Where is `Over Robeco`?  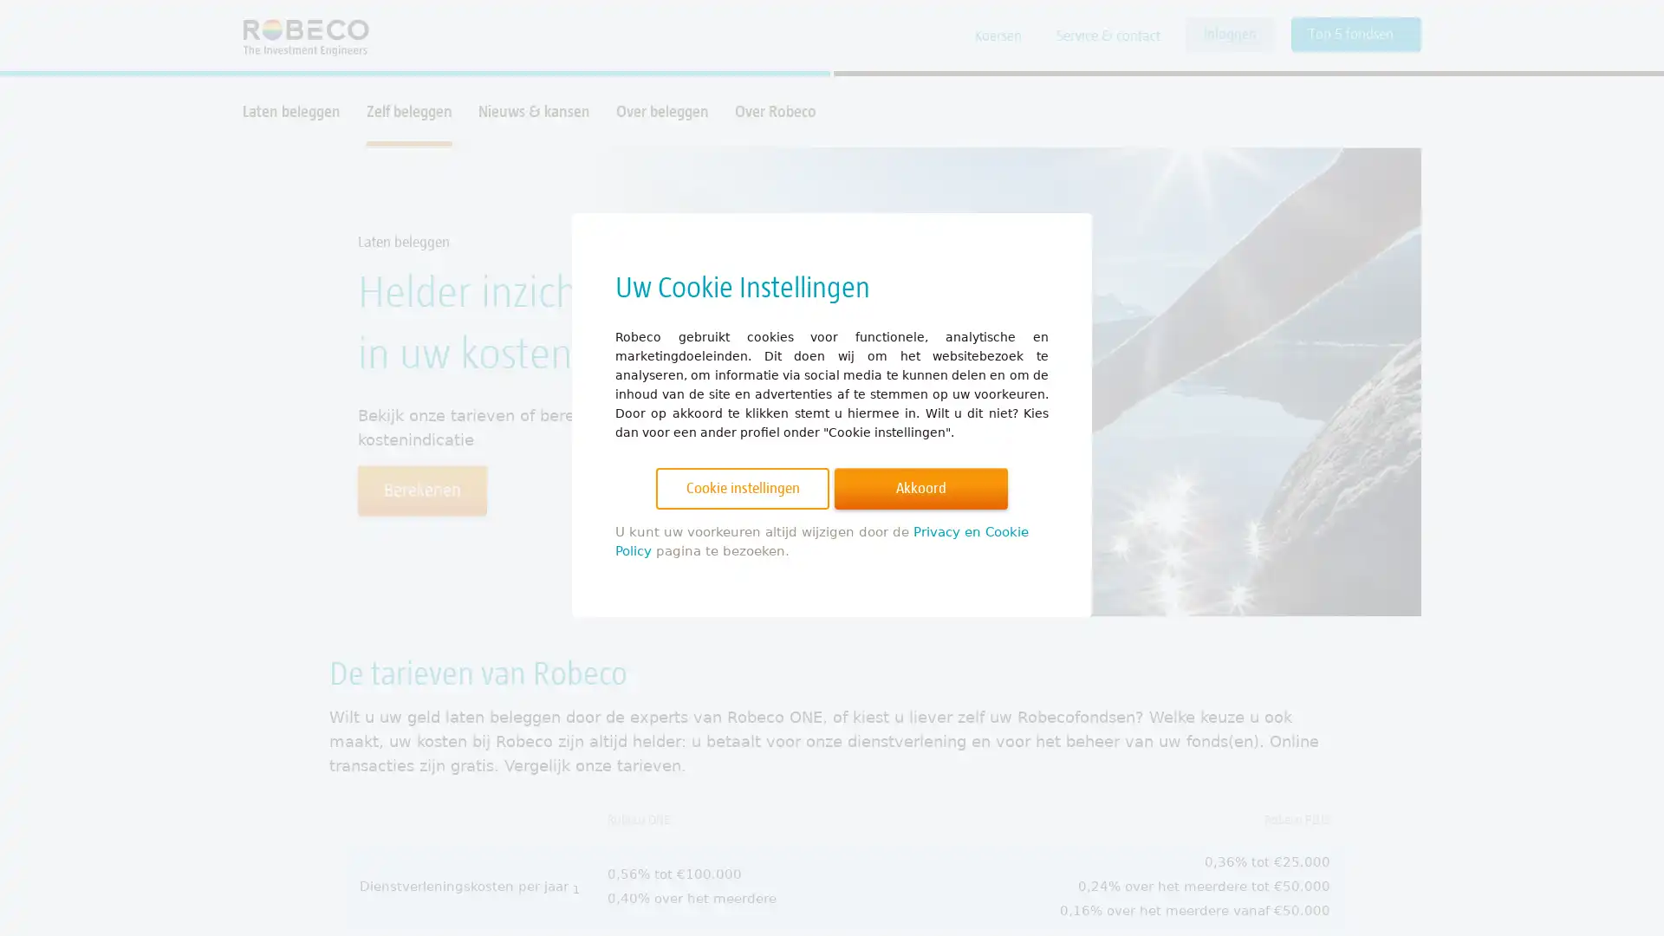 Over Robeco is located at coordinates (774, 111).